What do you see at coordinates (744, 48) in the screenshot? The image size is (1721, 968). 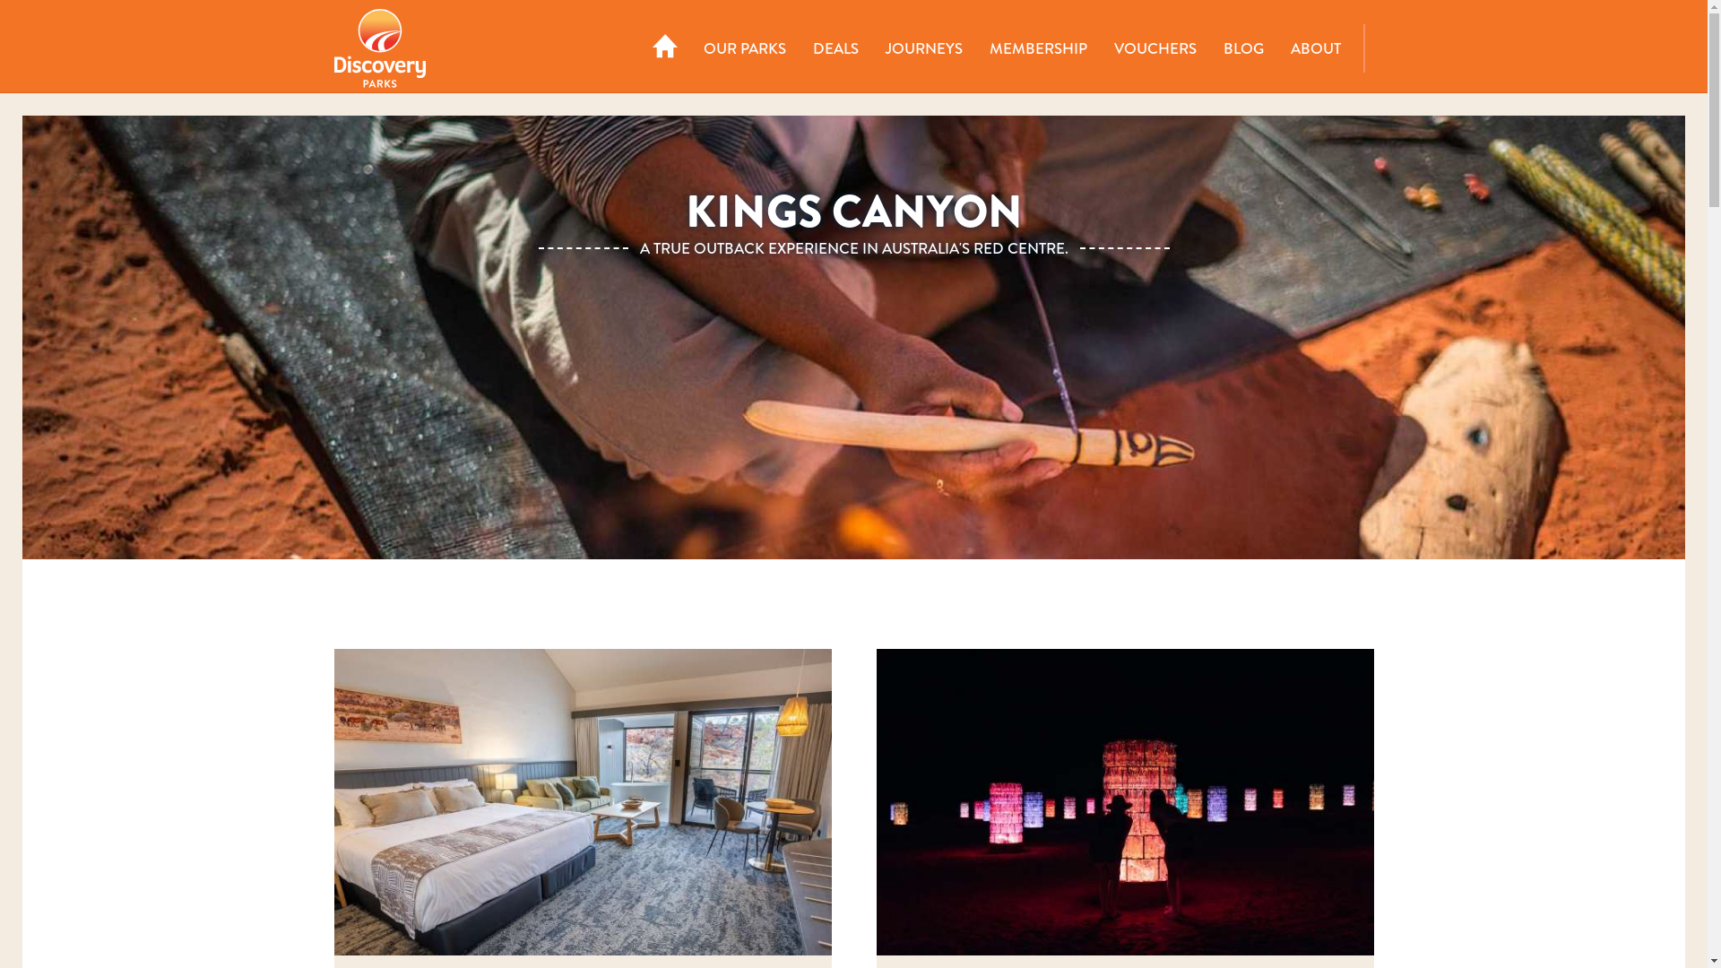 I see `'OUR PARKS'` at bounding box center [744, 48].